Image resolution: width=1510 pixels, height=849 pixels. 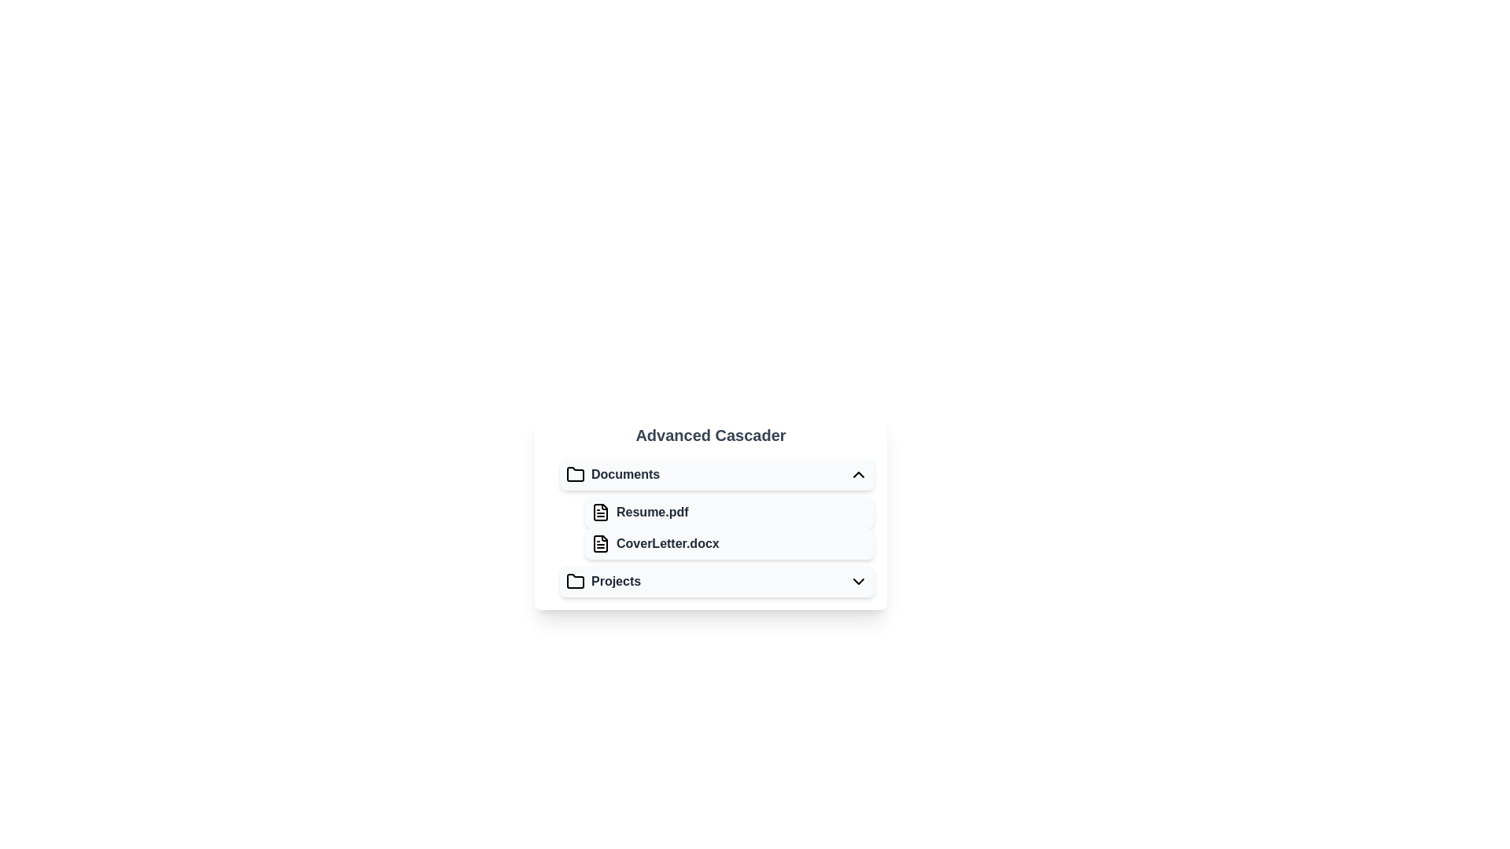 What do you see at coordinates (857, 582) in the screenshot?
I see `the downward-pointing chevron icon located to the far right of the 'Projects' section in the dropdown card` at bounding box center [857, 582].